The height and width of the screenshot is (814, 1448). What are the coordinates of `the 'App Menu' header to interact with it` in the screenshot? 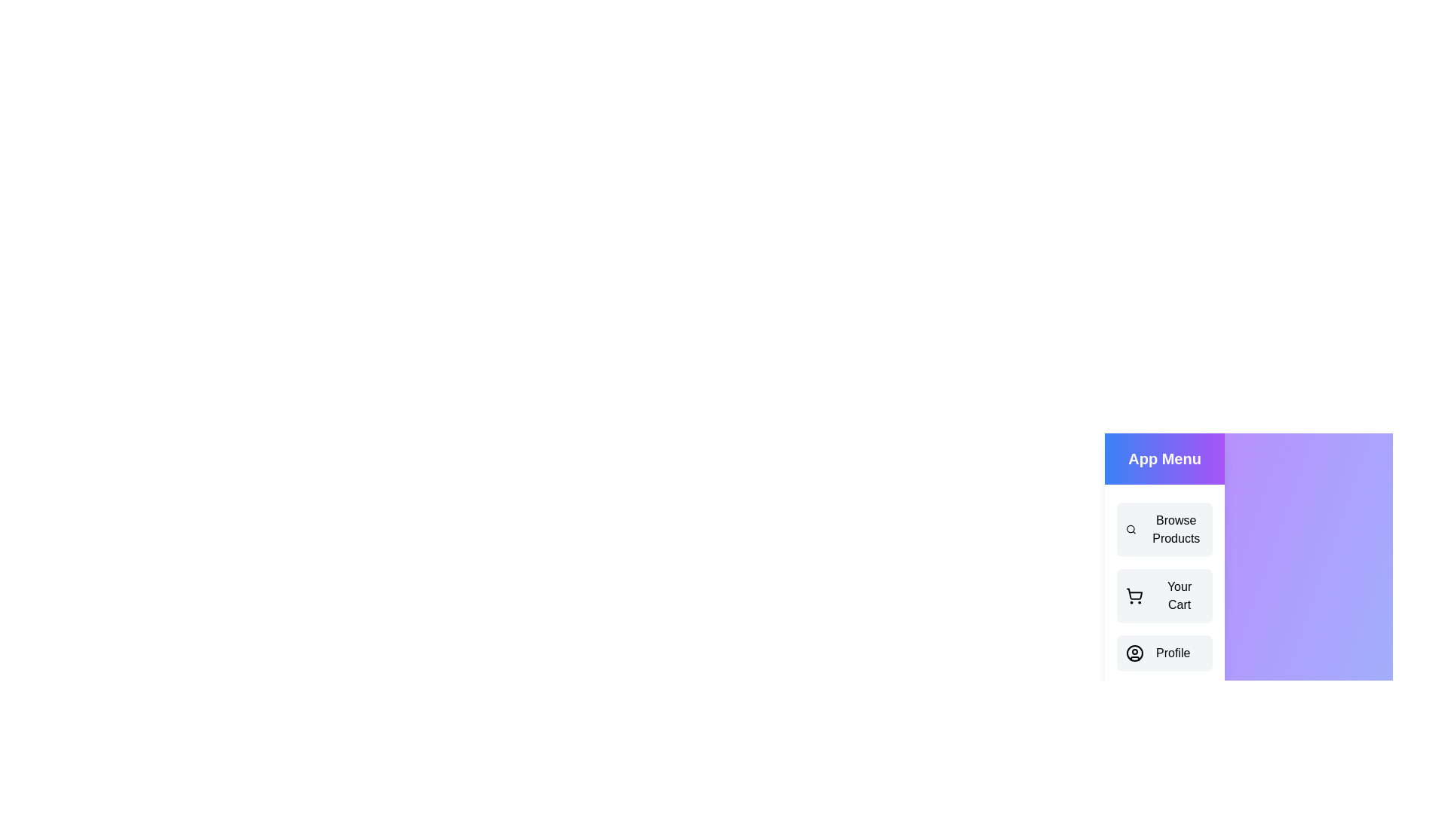 It's located at (1164, 458).